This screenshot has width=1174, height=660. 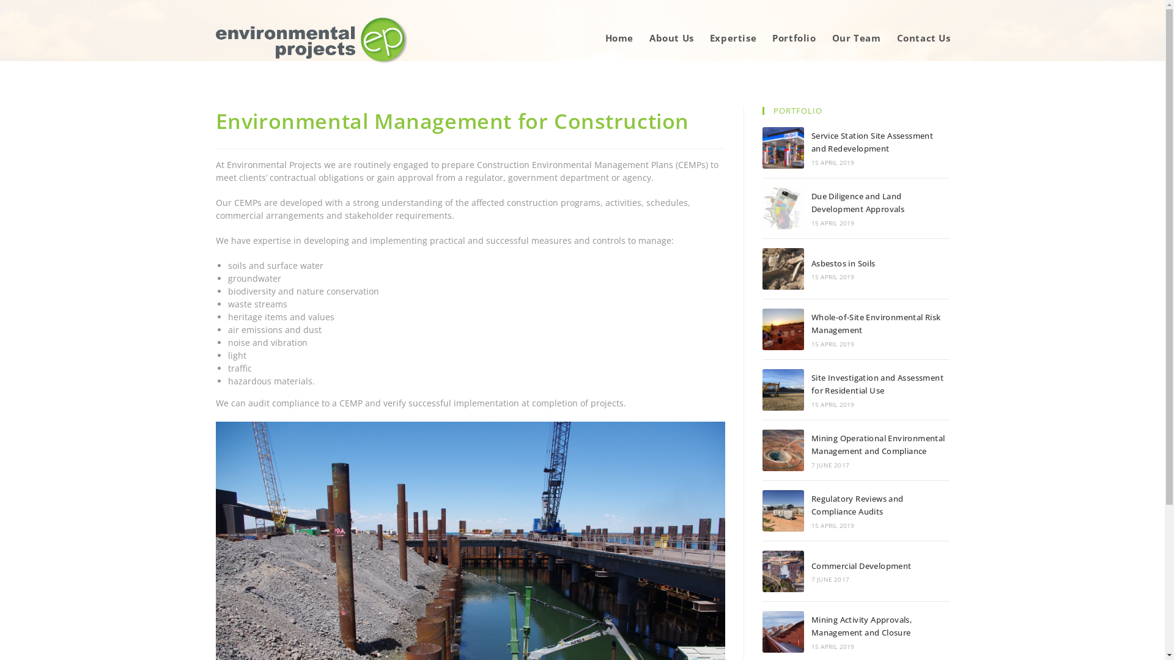 I want to click on 'Home', so click(x=619, y=37).